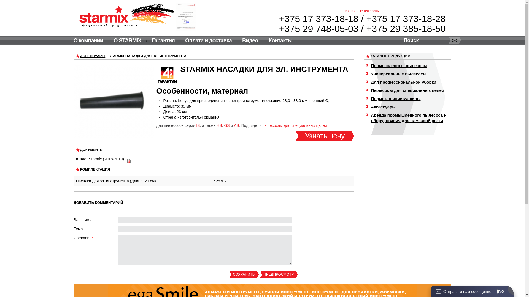 This screenshot has height=297, width=529. I want to click on 'AS', so click(236, 125).